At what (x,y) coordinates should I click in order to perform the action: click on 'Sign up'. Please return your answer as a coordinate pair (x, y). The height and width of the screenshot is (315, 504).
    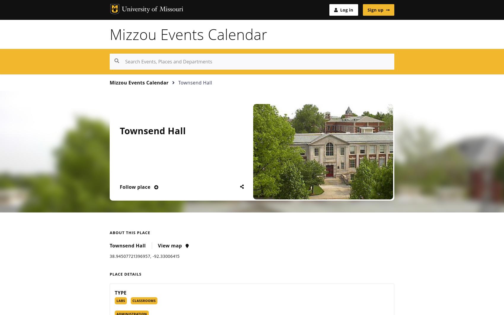
    Looking at the image, I should click on (375, 9).